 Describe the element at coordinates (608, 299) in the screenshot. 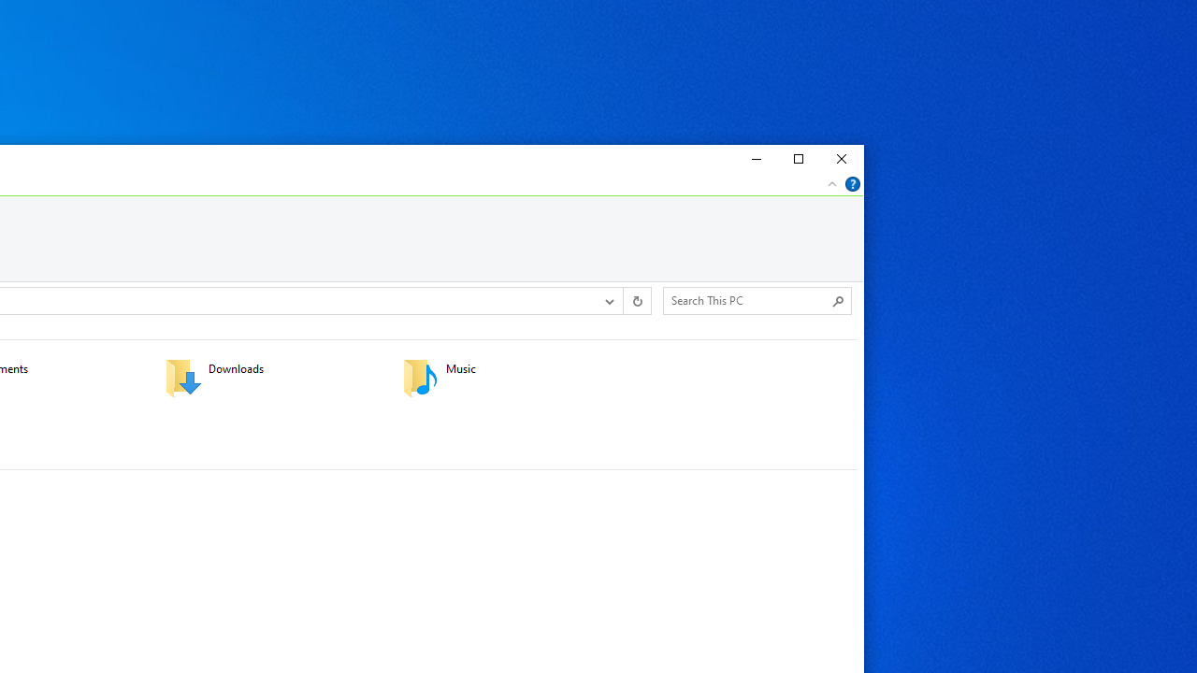

I see `'Previous Locations'` at that location.